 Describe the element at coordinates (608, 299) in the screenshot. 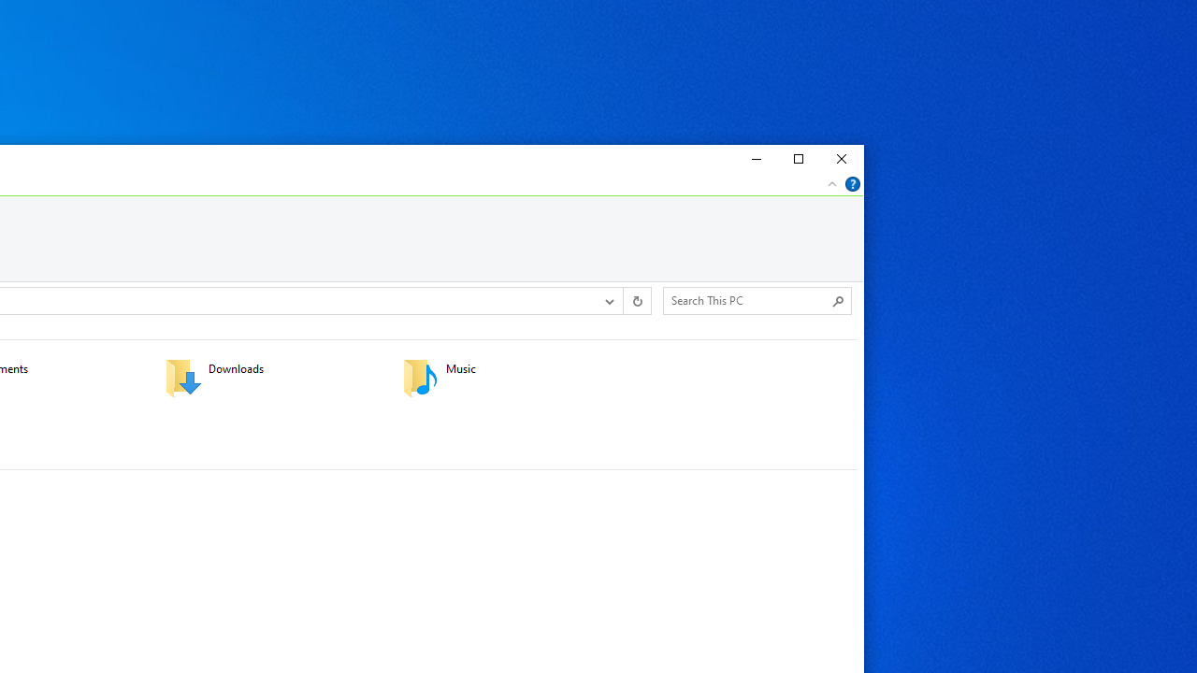

I see `'Previous Locations'` at that location.